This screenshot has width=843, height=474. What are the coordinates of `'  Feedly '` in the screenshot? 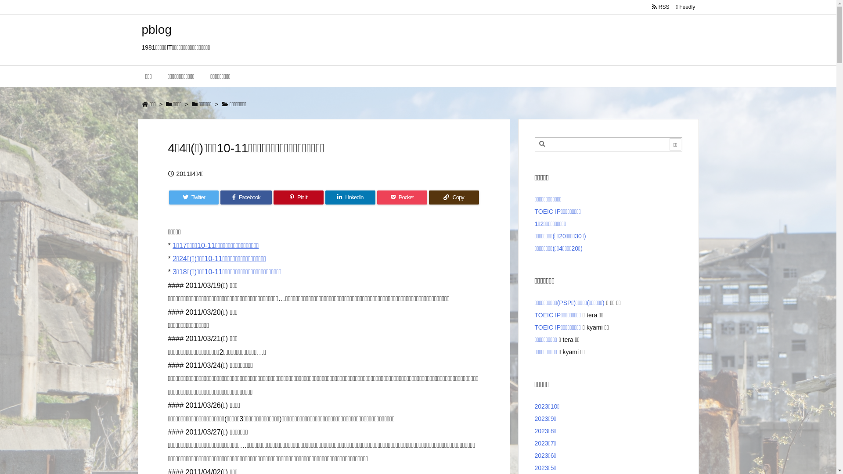 It's located at (684, 7).